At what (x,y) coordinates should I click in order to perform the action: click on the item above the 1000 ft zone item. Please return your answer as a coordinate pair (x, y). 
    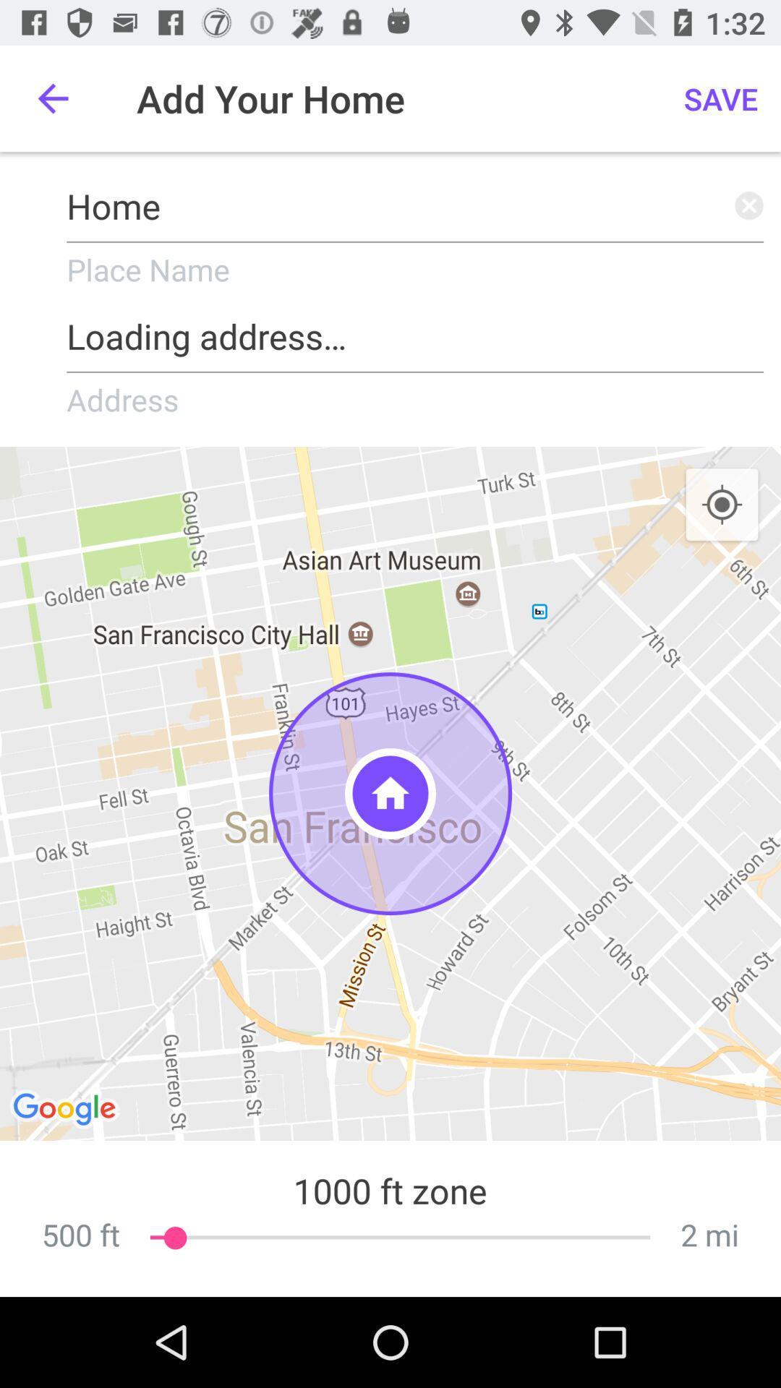
    Looking at the image, I should click on (390, 793).